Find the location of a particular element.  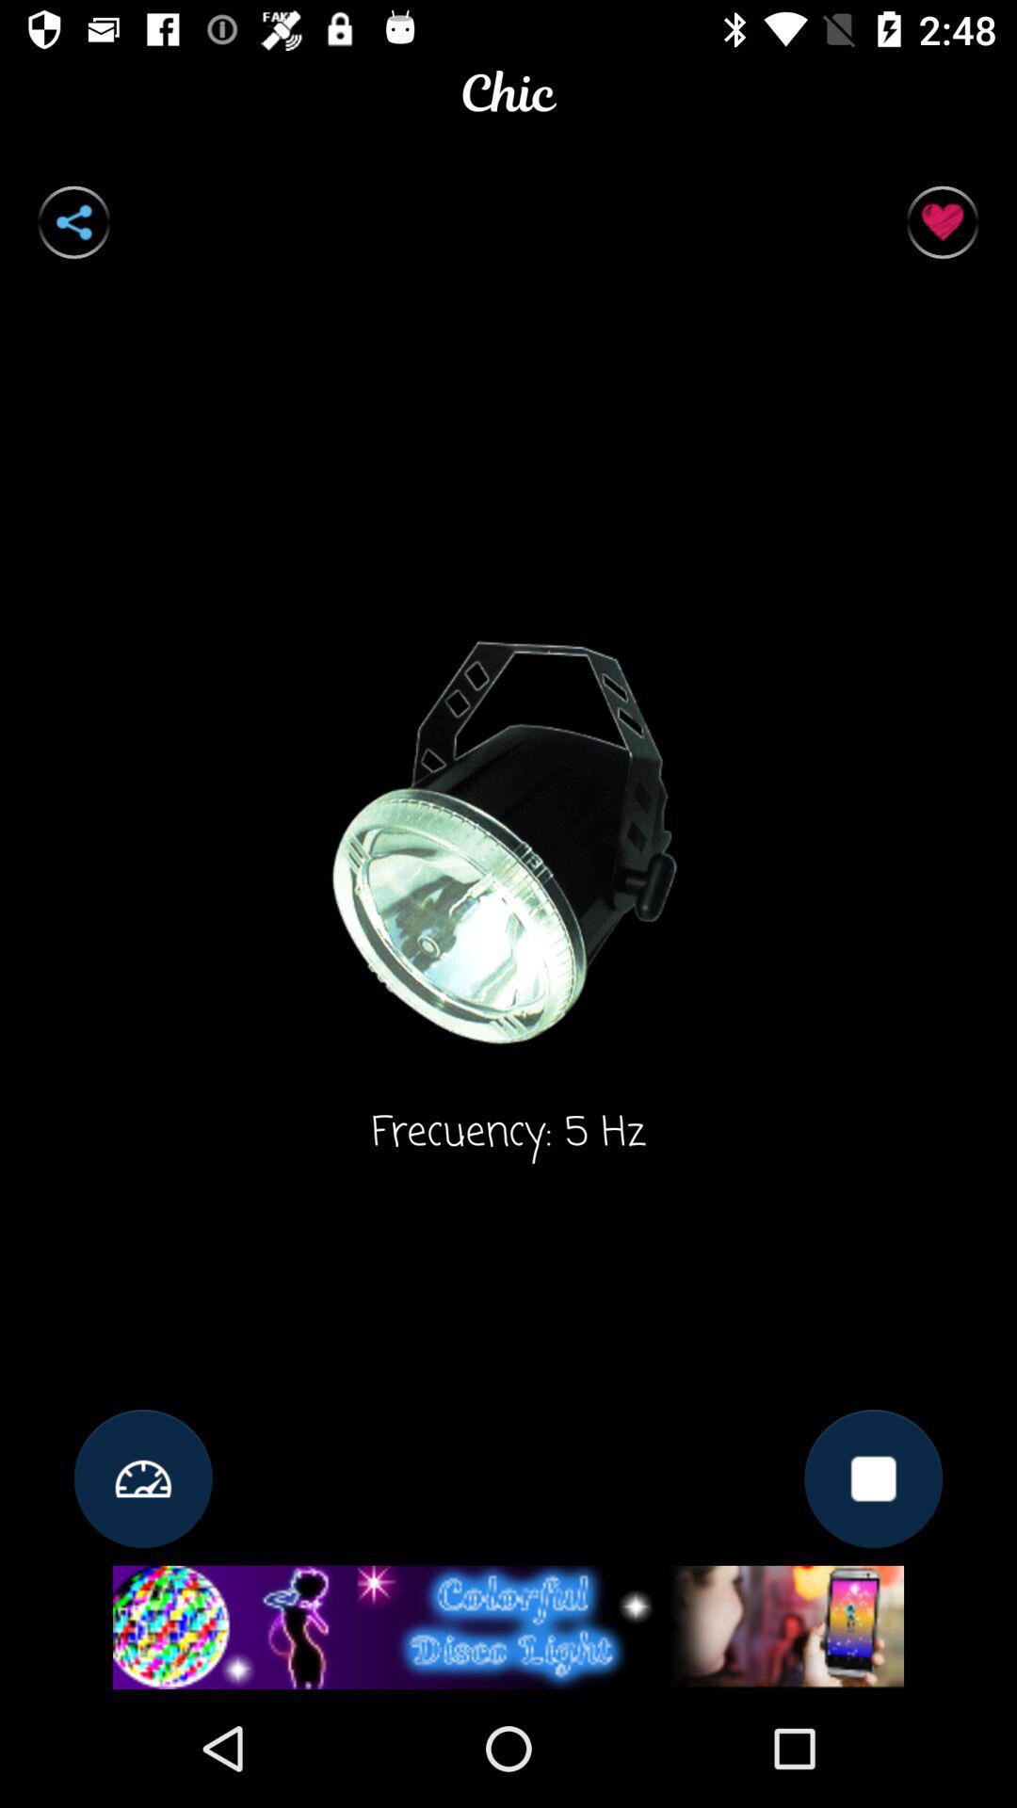

the favorite icon is located at coordinates (943, 222).